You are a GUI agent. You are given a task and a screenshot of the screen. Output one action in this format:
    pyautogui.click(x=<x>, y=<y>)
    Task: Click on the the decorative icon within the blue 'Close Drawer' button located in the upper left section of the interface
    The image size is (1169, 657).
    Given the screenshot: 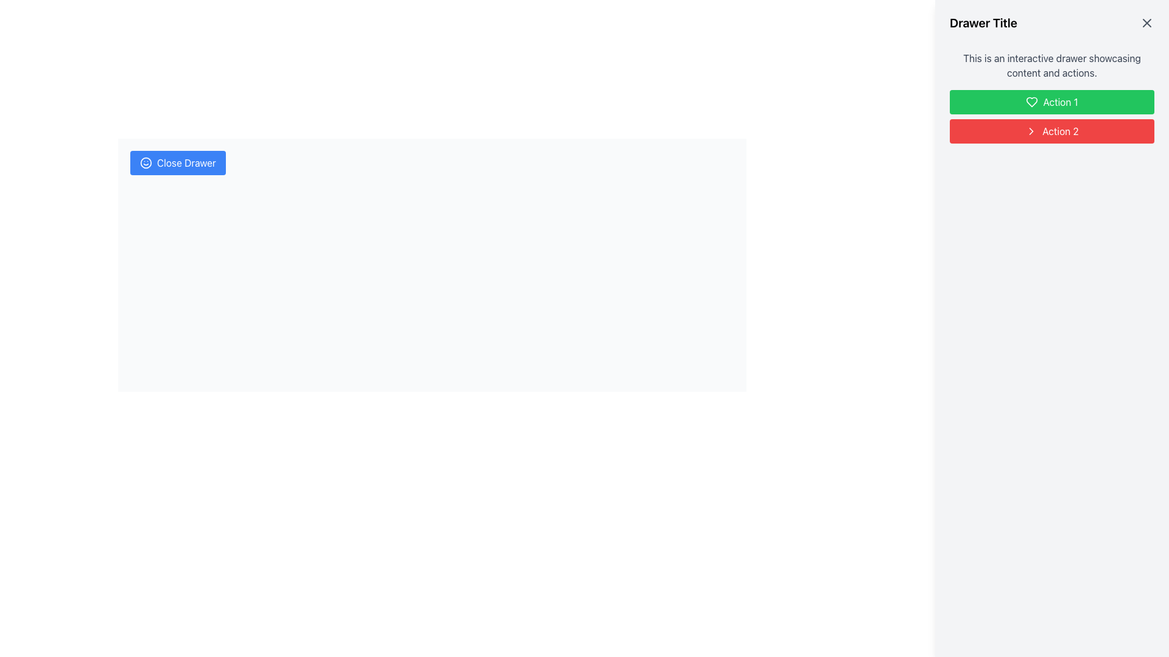 What is the action you would take?
    pyautogui.click(x=146, y=162)
    